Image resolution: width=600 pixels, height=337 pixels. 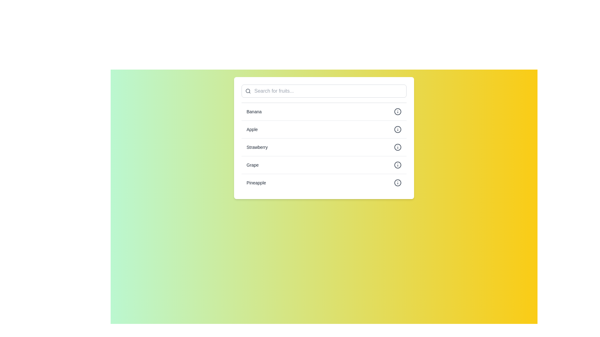 What do you see at coordinates (397, 164) in the screenshot?
I see `the central circular part of the 'info' icon next to the 'Grape' list item in the vertical list of fruit options` at bounding box center [397, 164].